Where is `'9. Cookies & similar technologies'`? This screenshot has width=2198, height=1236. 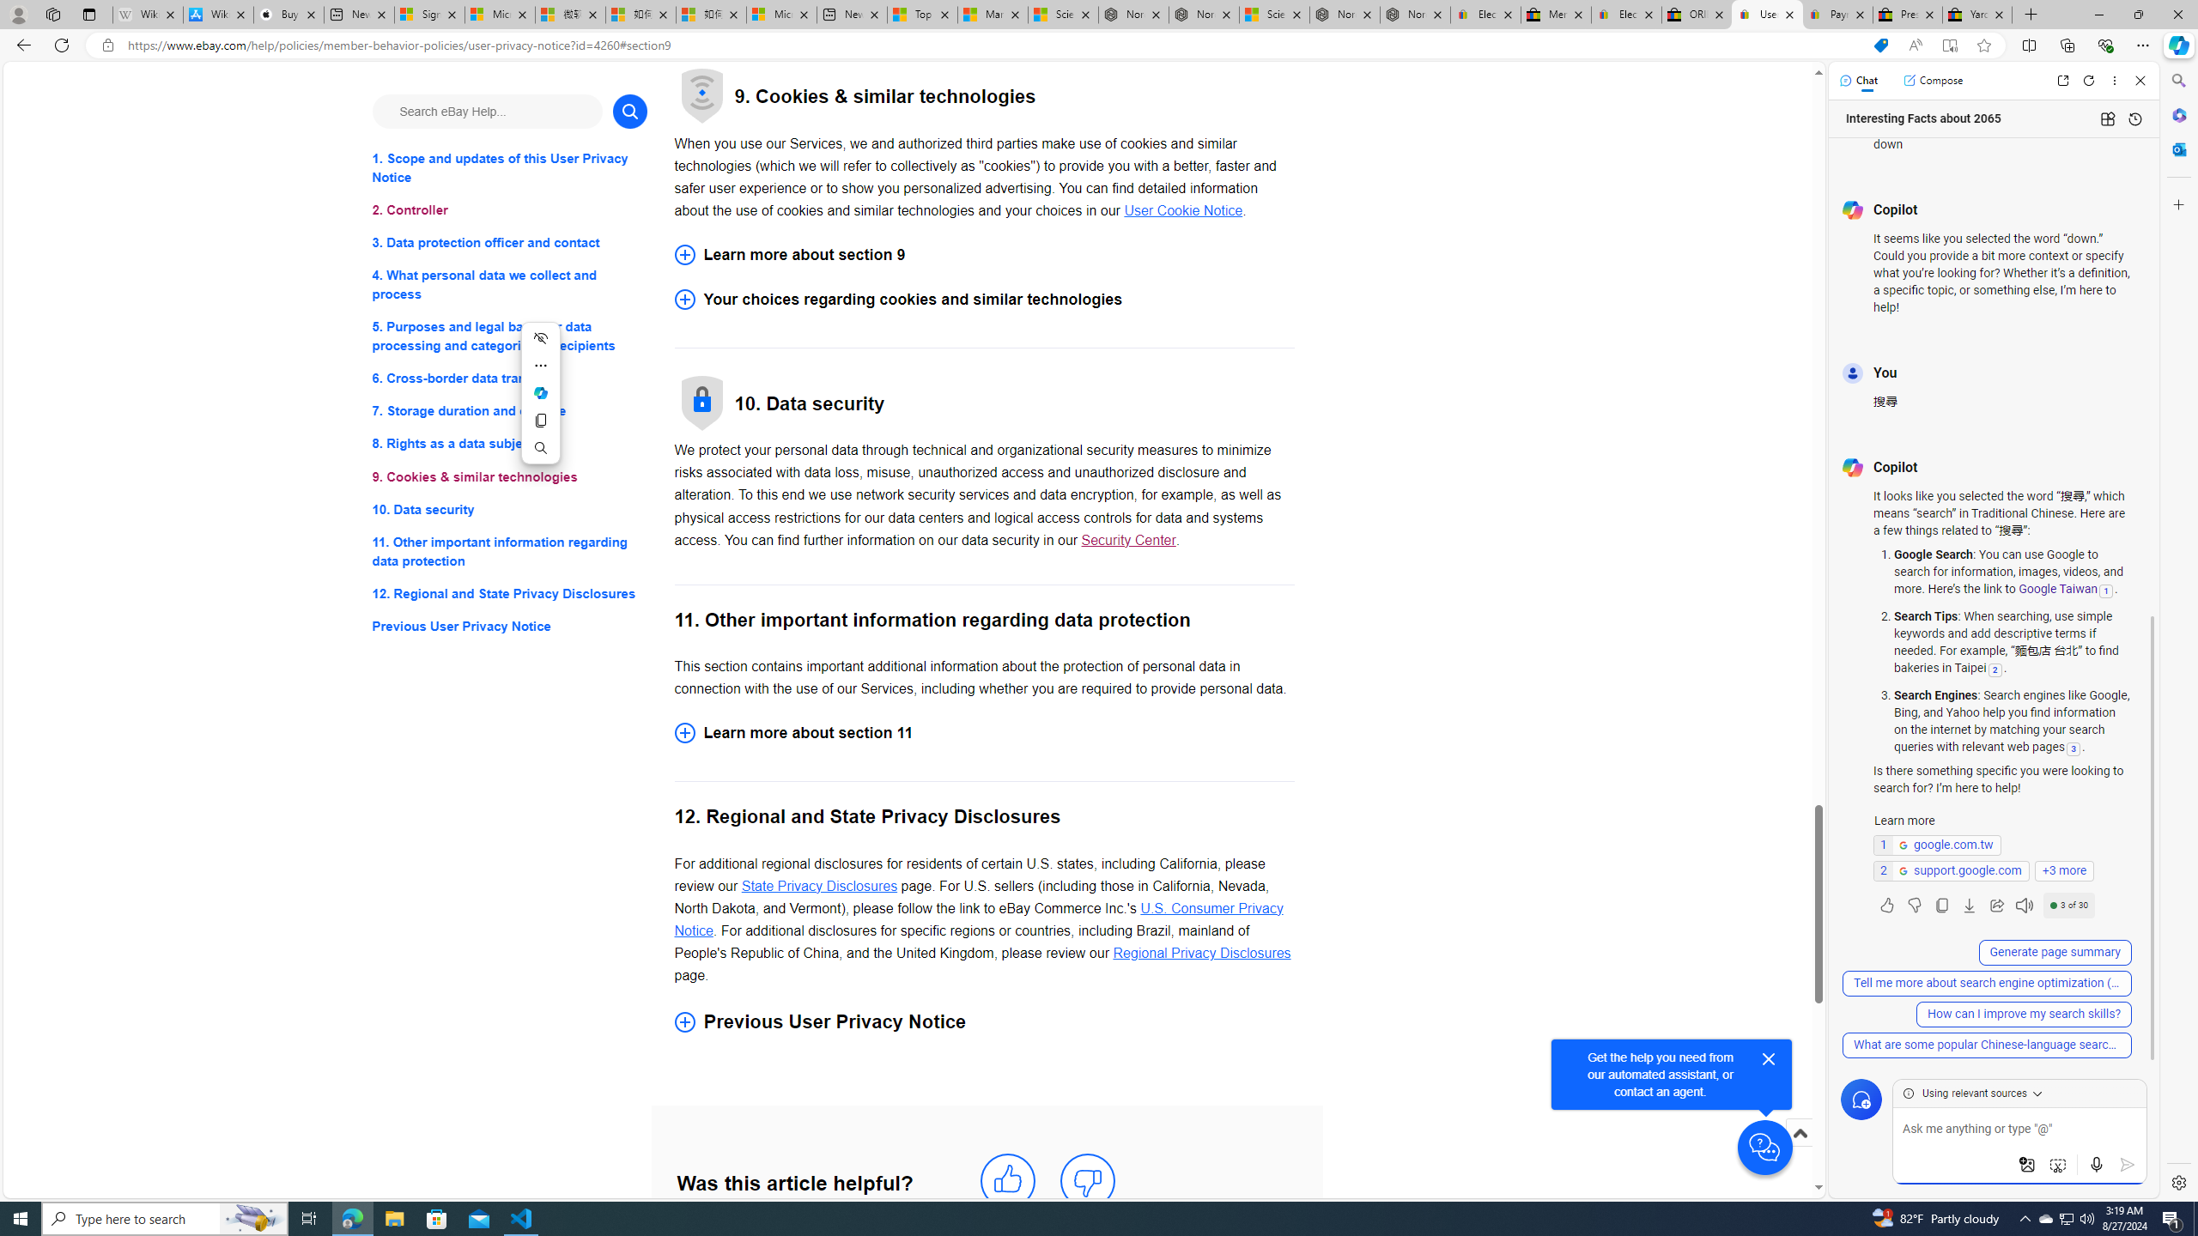
'9. Cookies & similar technologies' is located at coordinates (508, 476).